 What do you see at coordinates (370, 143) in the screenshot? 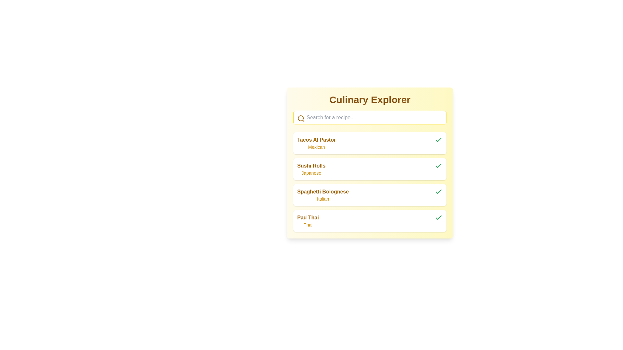
I see `the first card in the vertically stacked menu` at bounding box center [370, 143].